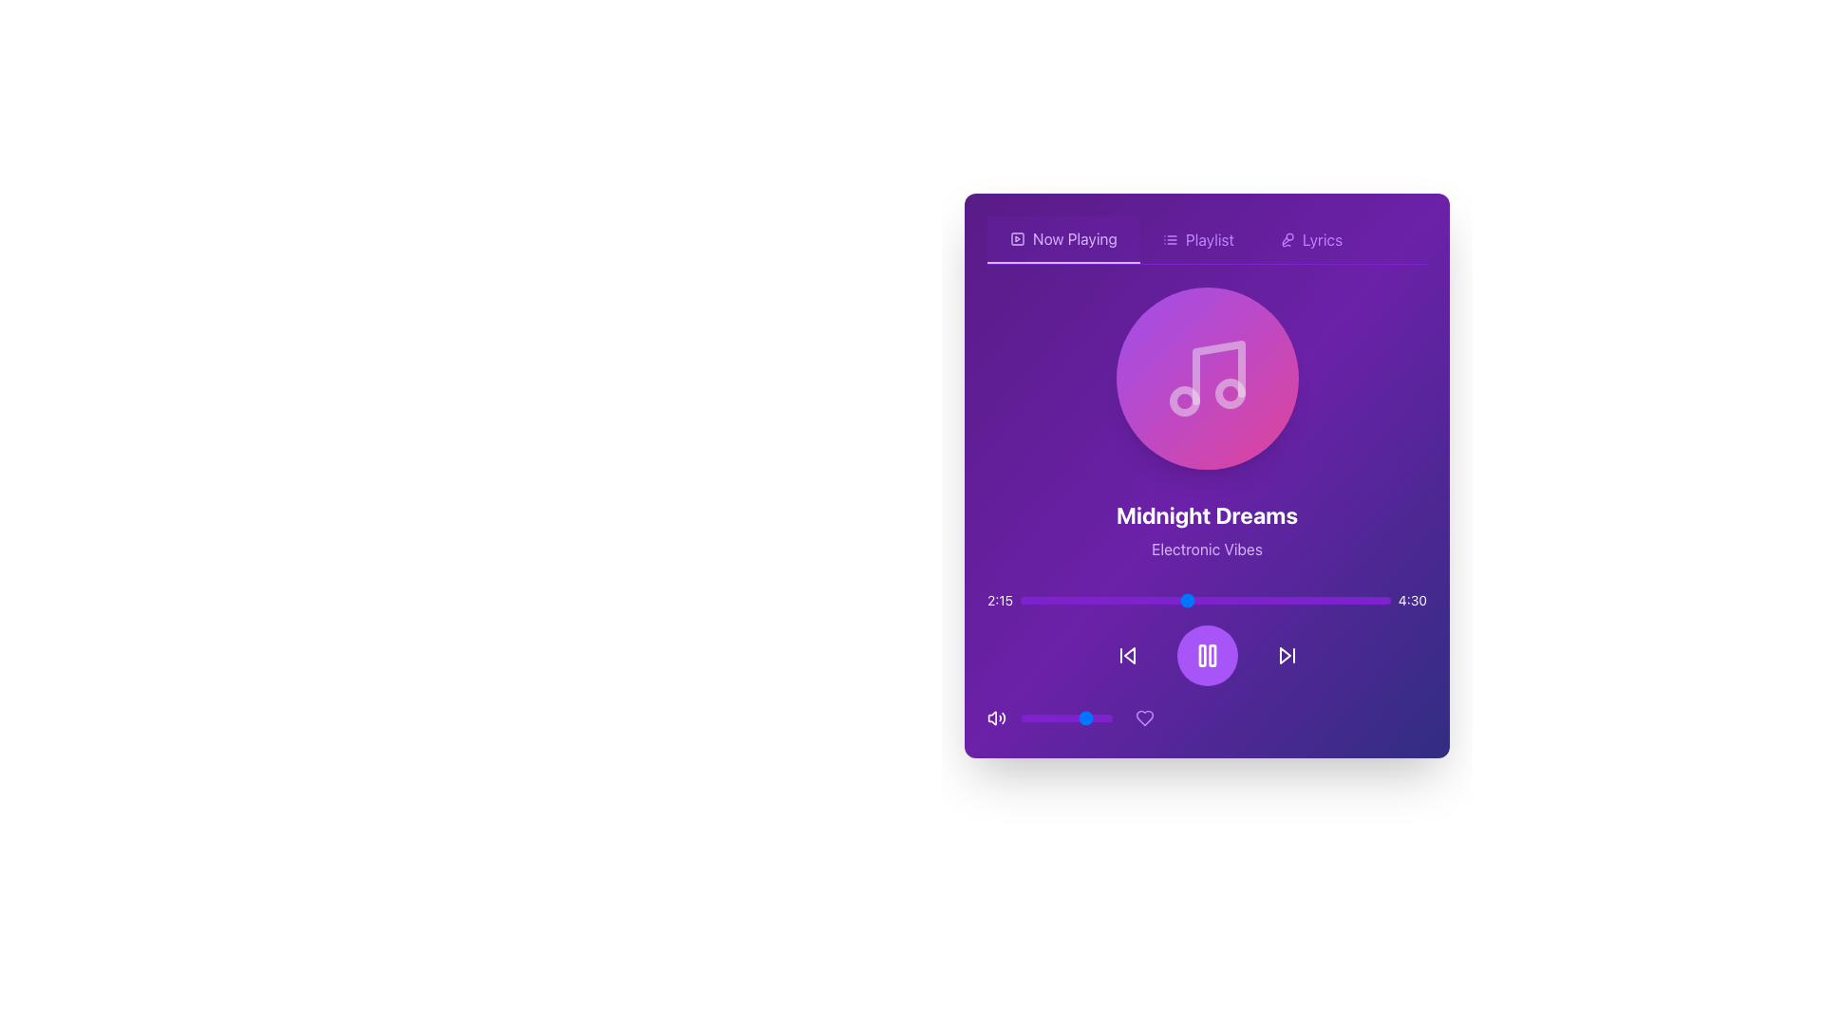  Describe the element at coordinates (1287, 239) in the screenshot. I see `the microphone icon located in the top-right corner of the music player interface, which is part of the 'Lyrics' navigation option` at that location.